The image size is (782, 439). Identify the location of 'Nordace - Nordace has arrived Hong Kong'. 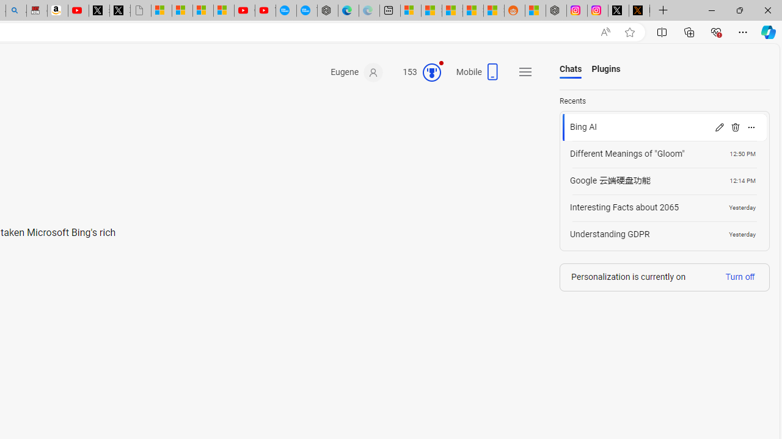
(327, 10).